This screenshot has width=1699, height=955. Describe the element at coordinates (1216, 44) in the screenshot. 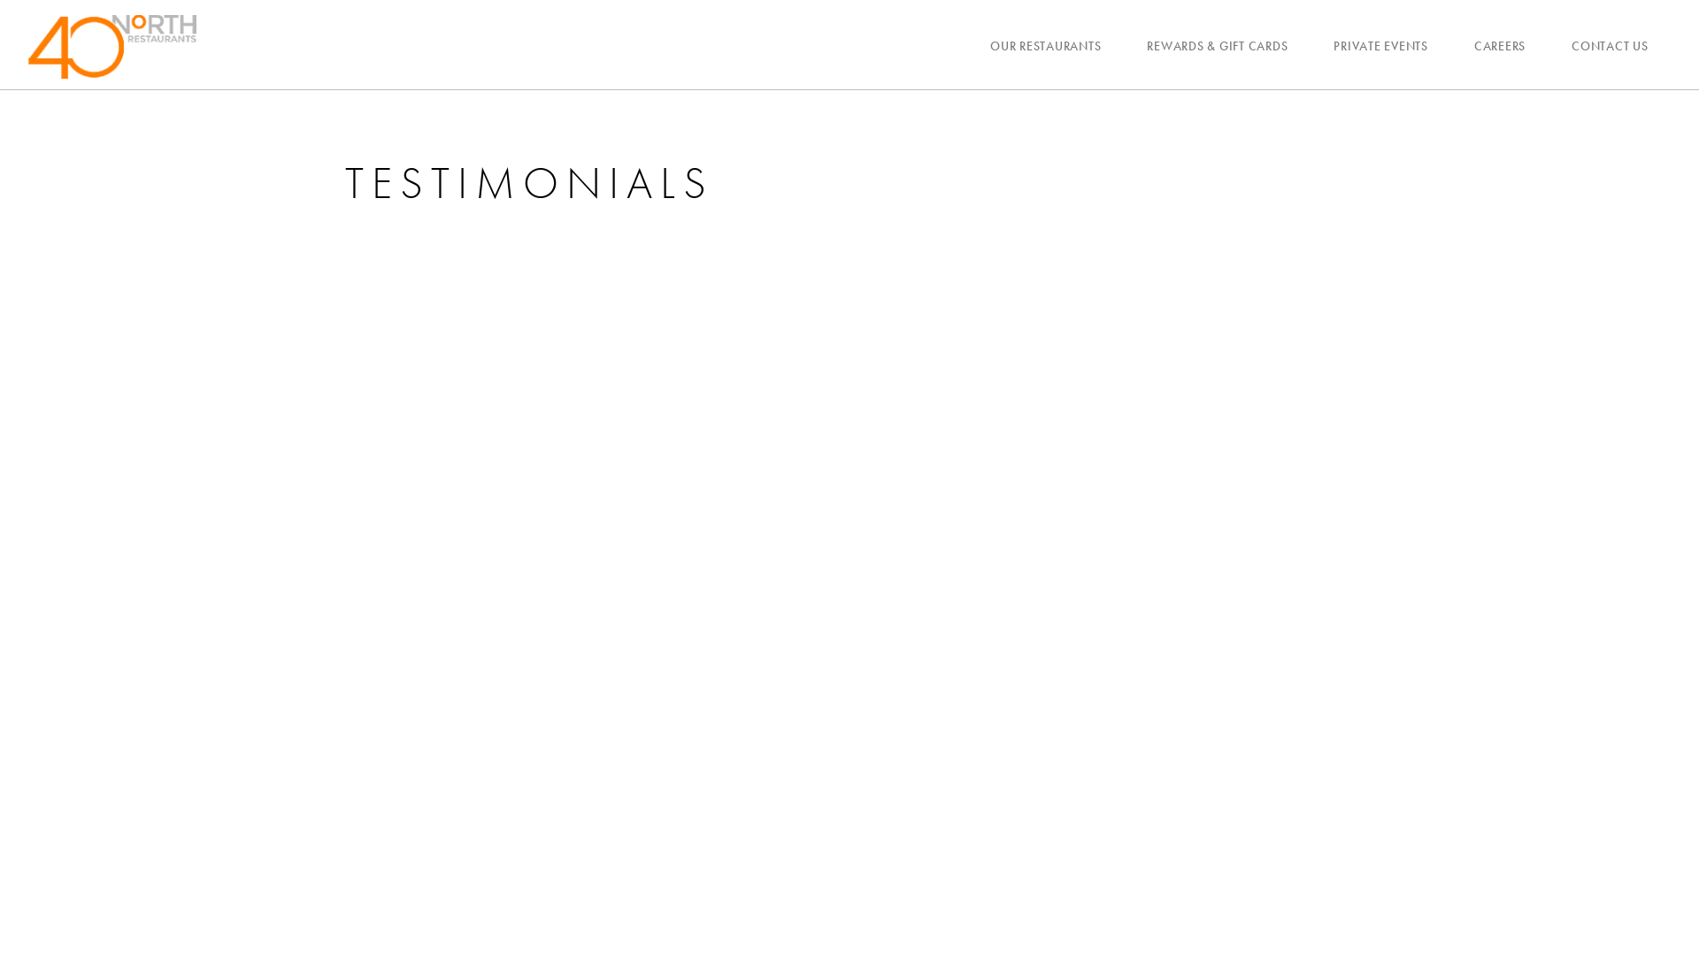

I see `'REWARDS & GIFT CARDS'` at that location.